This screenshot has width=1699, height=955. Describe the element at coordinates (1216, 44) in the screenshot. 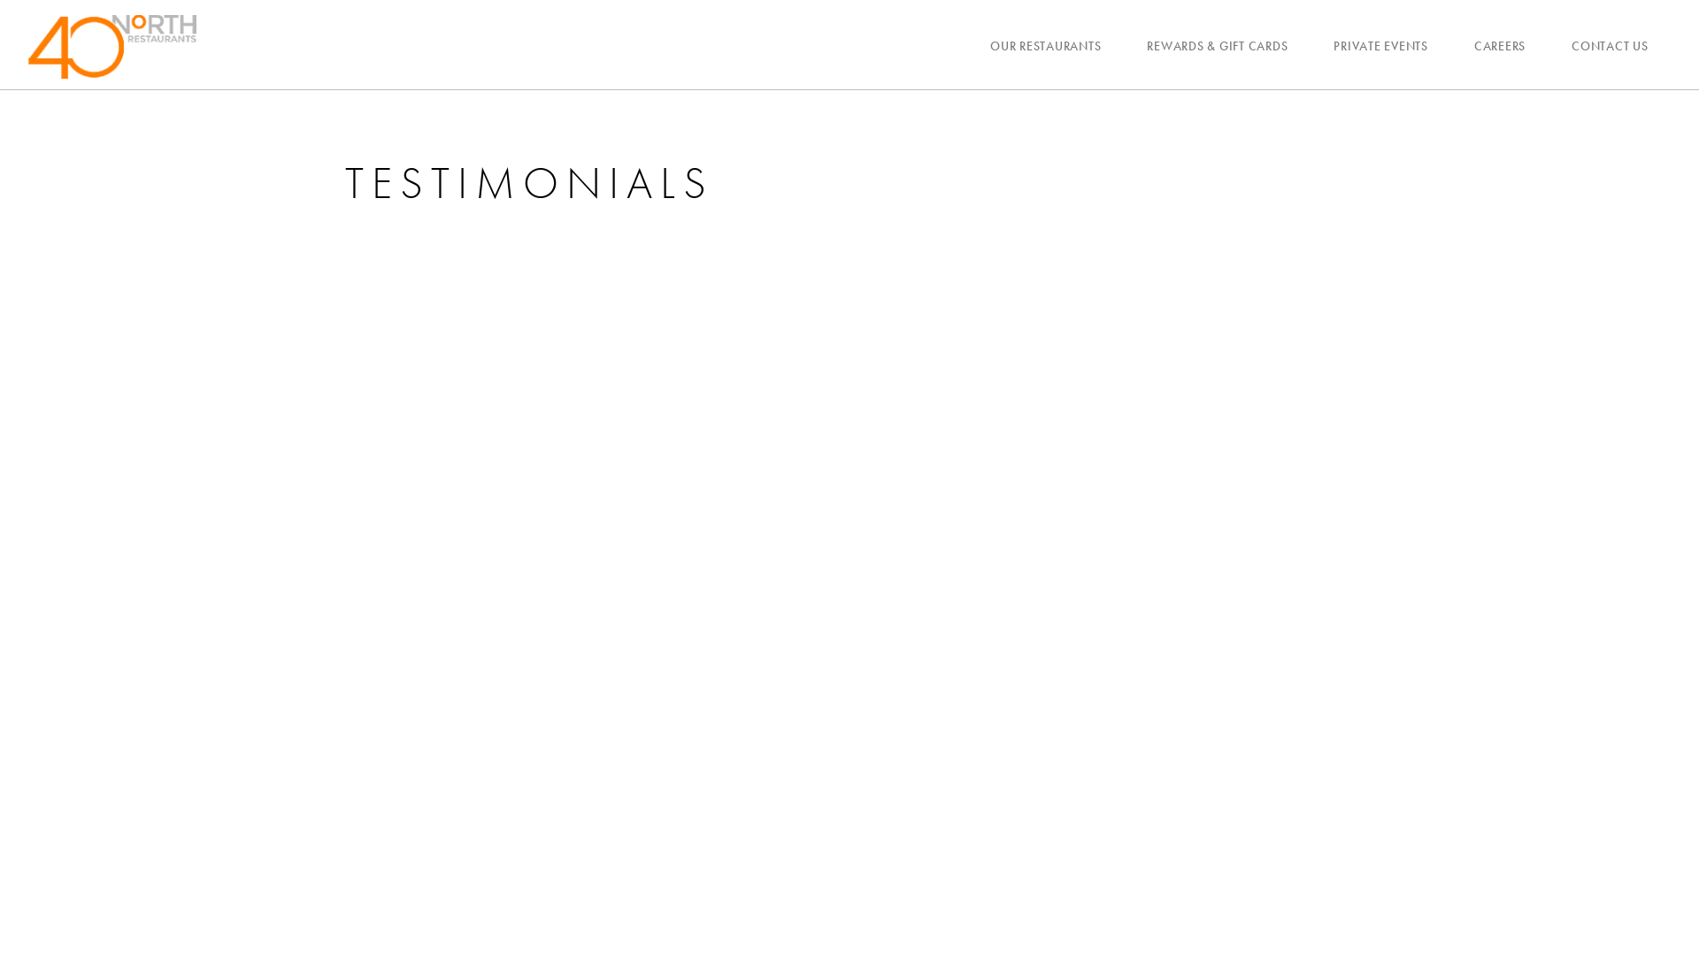

I see `'REWARDS & GIFT CARDS'` at that location.